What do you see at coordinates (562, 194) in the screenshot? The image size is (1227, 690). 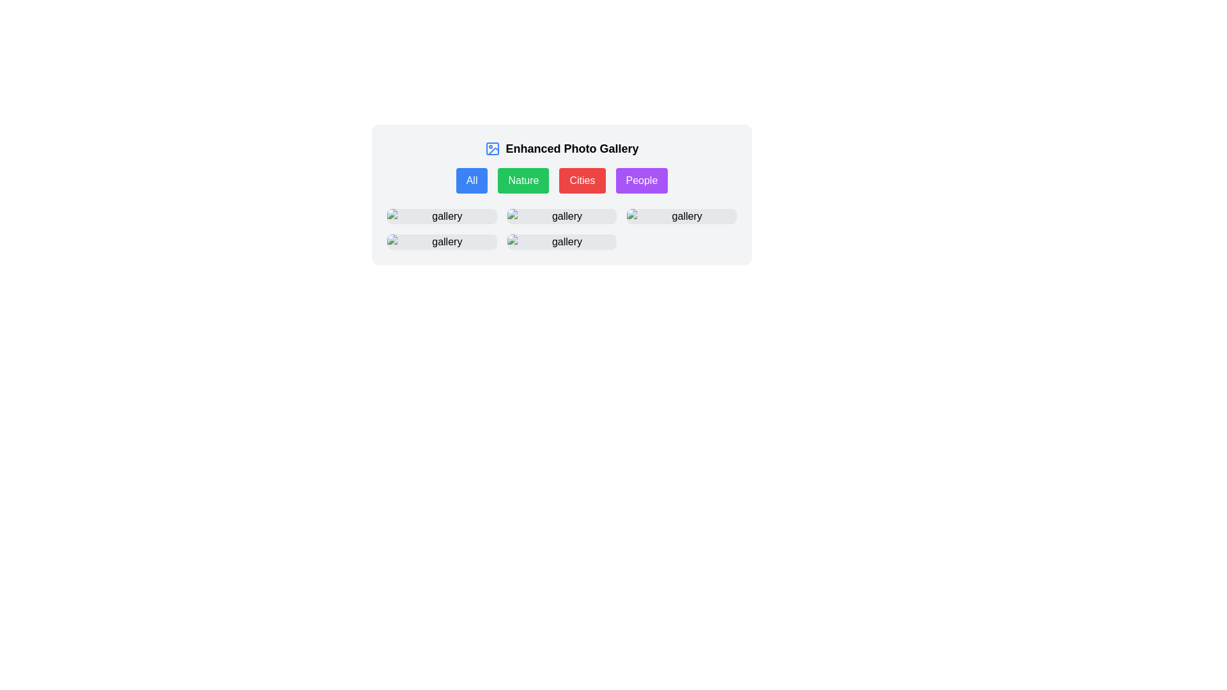 I see `the 'Cities' button, which has a red background and white text, to filter the content` at bounding box center [562, 194].